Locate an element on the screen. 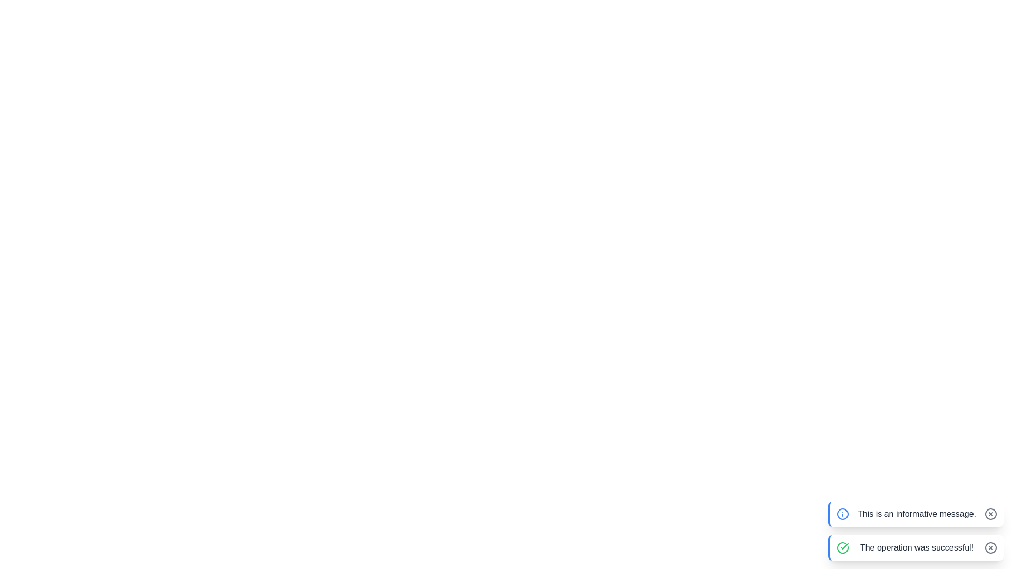 Image resolution: width=1012 pixels, height=569 pixels. the icon representing the notification type info is located at coordinates (842, 513).